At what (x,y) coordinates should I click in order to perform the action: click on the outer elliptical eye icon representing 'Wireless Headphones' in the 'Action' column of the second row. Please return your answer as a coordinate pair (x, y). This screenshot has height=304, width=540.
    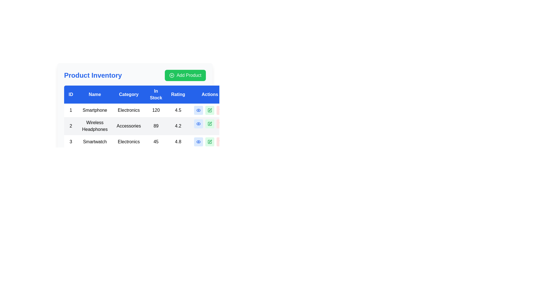
    Looking at the image, I should click on (199, 142).